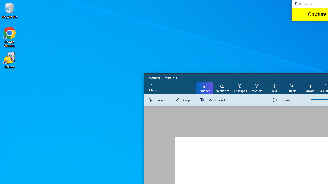  What do you see at coordinates (183, 100) in the screenshot?
I see `'Crop'` at bounding box center [183, 100].